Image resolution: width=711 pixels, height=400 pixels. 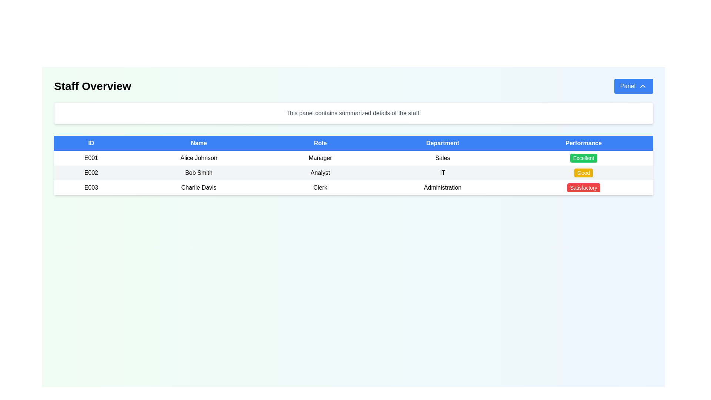 I want to click on the 'Excellent' performance rating label in the first row of the table located in the 'Performance' column, so click(x=583, y=158).